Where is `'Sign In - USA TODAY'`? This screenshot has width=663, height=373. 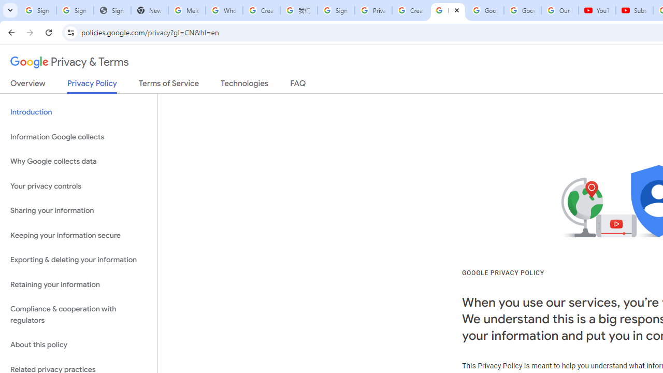
'Sign In - USA TODAY' is located at coordinates (112, 10).